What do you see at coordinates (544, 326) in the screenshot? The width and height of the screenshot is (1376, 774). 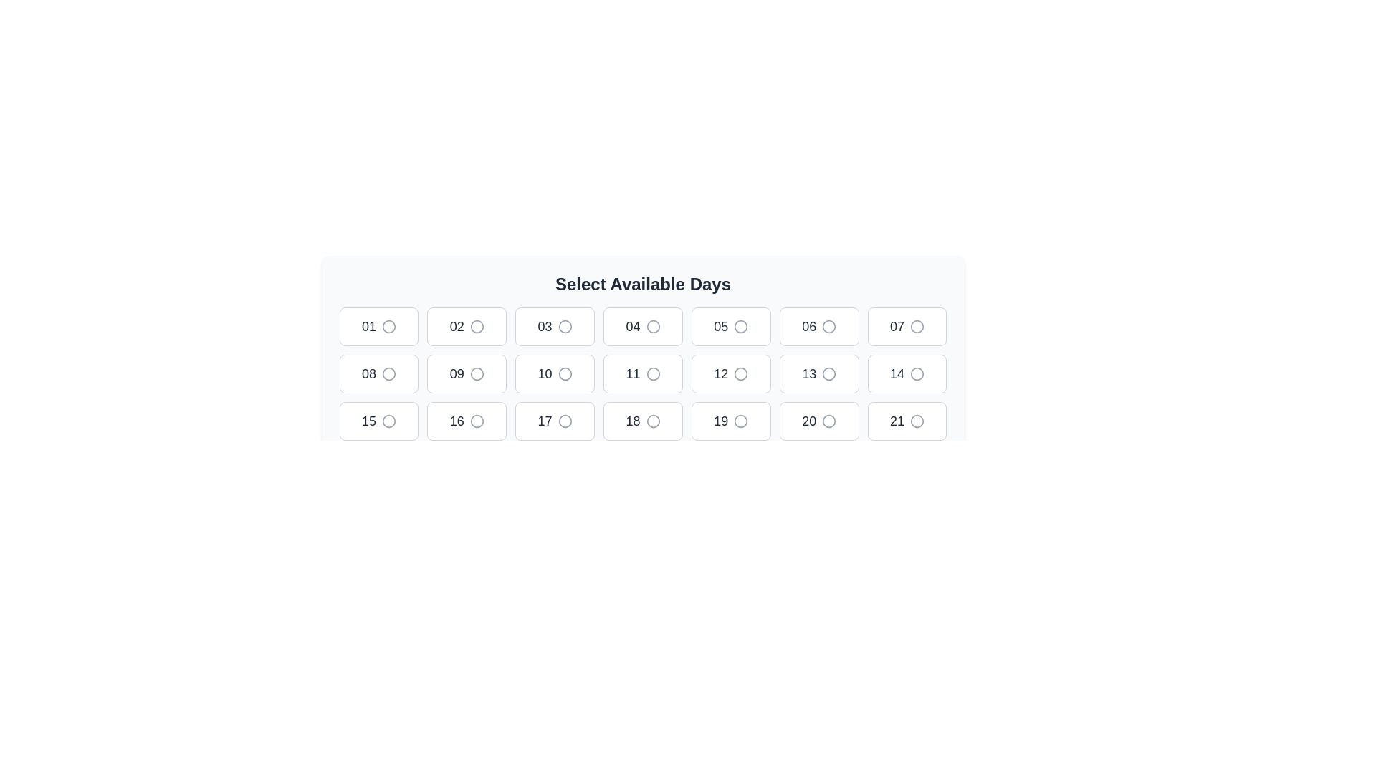 I see `the text label displaying the number '03', located in the third grid cell of the first row under the 'Select Available Days' heading` at bounding box center [544, 326].